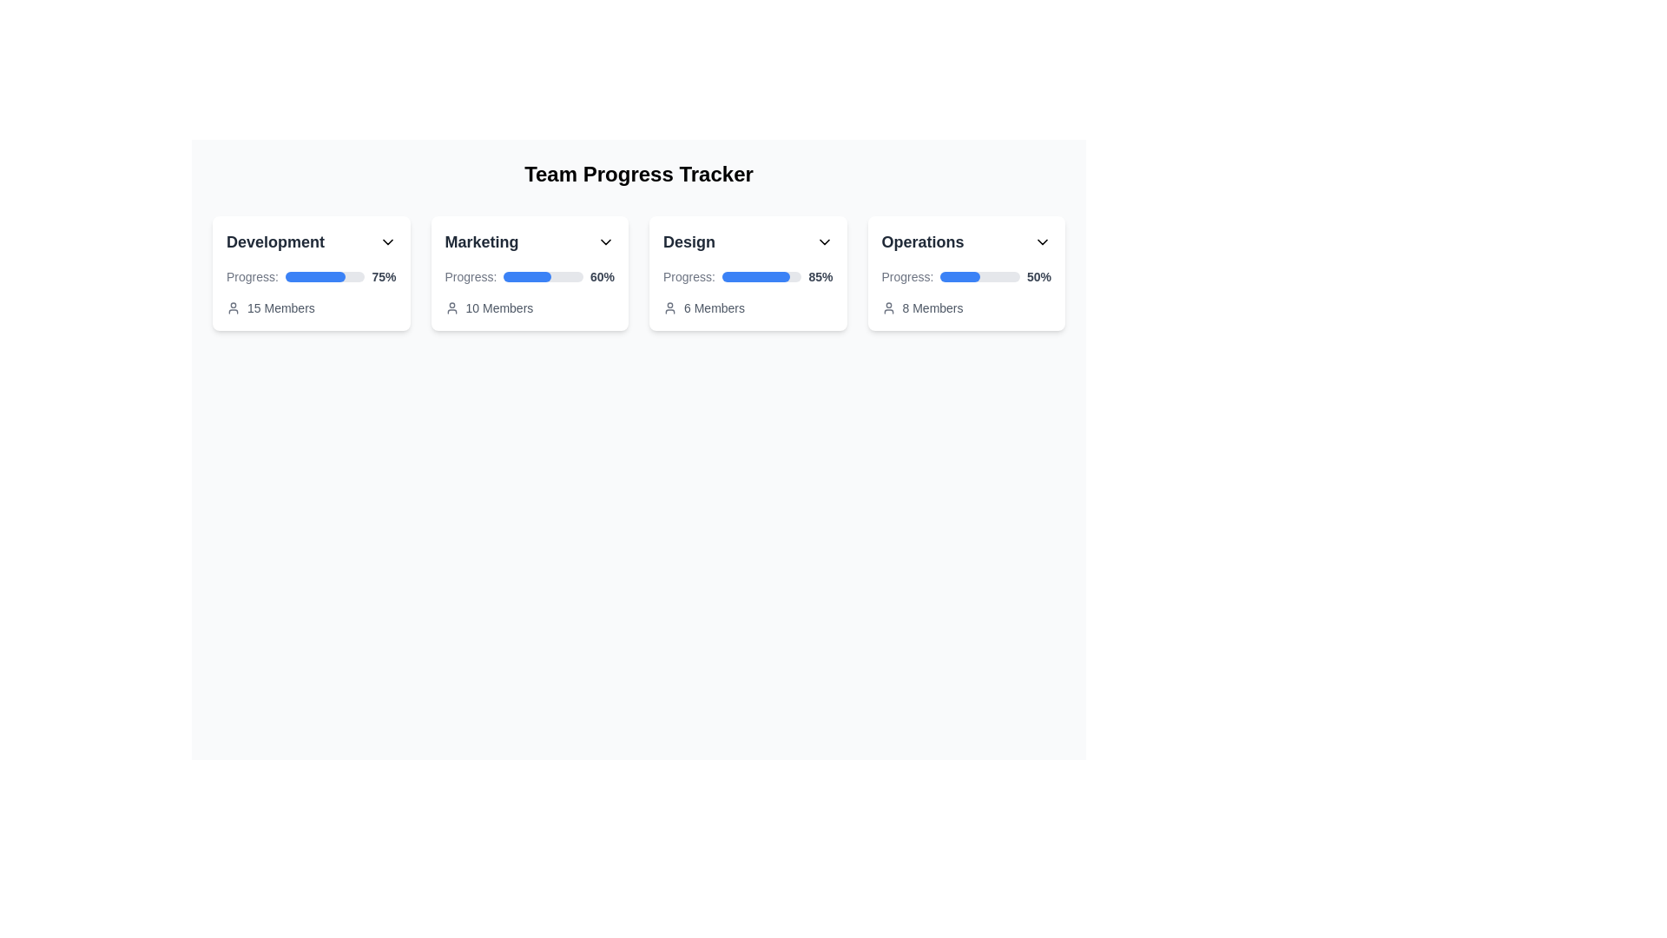 This screenshot has height=938, width=1667. Describe the element at coordinates (311, 307) in the screenshot. I see `the text label displaying '15 Members' with an accompanying user icon, located at the bottom of the 'Development' card in the 'Team Progress Tracker' interface` at that location.